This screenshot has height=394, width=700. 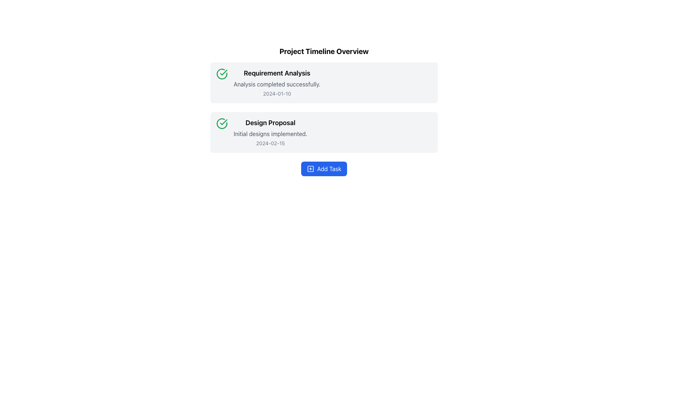 I want to click on the Information Block displaying the title 'Design Proposal' for more details, so click(x=270, y=132).